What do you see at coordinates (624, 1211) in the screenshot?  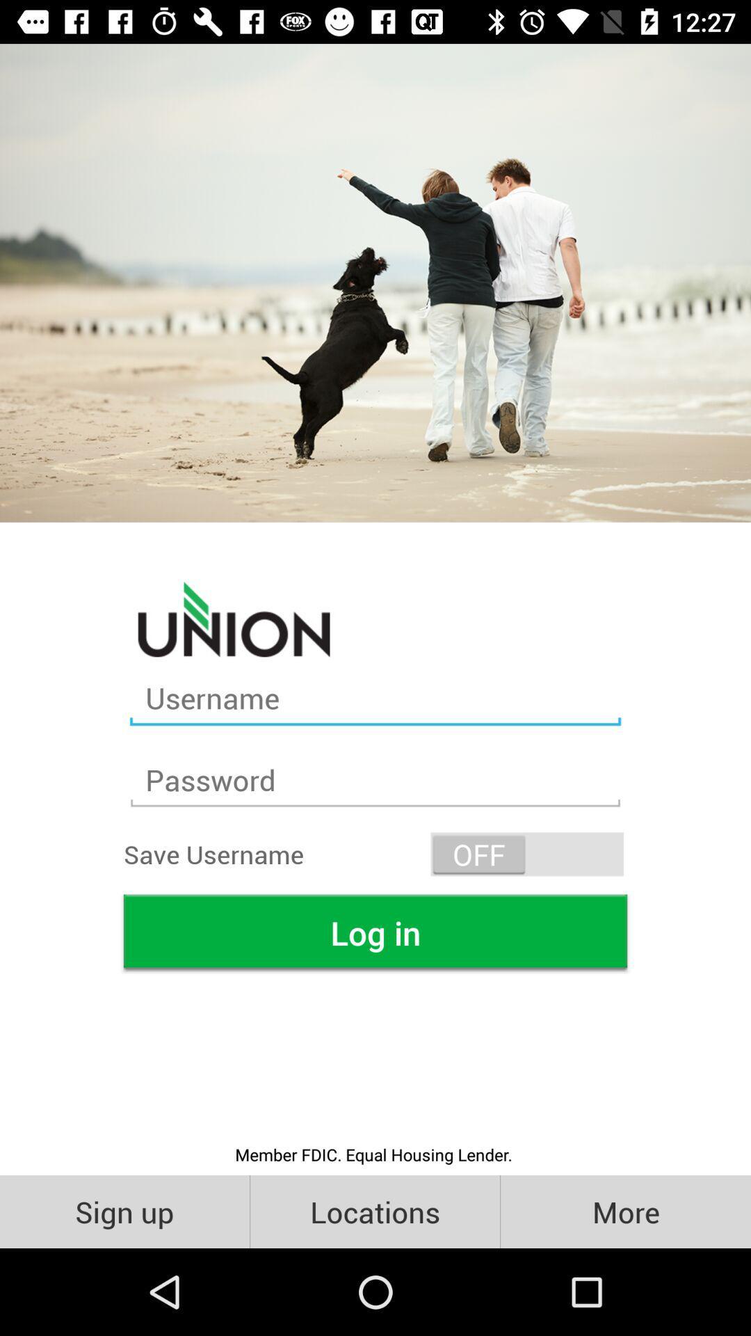 I see `the more item` at bounding box center [624, 1211].